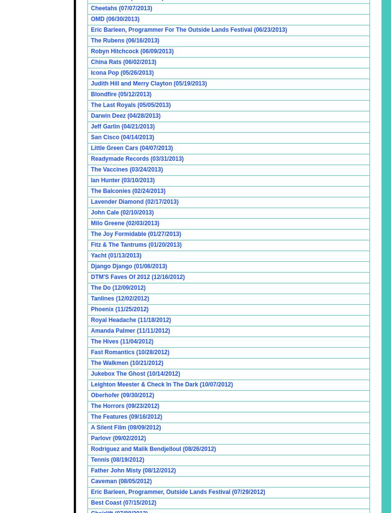  What do you see at coordinates (123, 62) in the screenshot?
I see `'China Rats (06/02/2013)'` at bounding box center [123, 62].